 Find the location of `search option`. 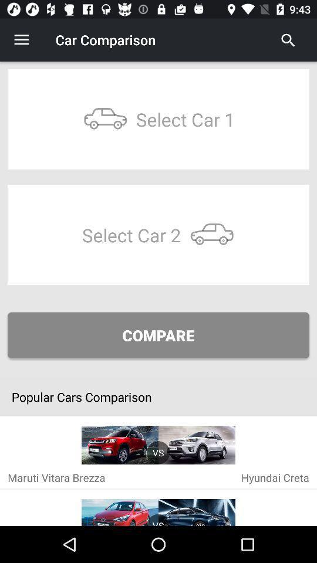

search option is located at coordinates (288, 40).